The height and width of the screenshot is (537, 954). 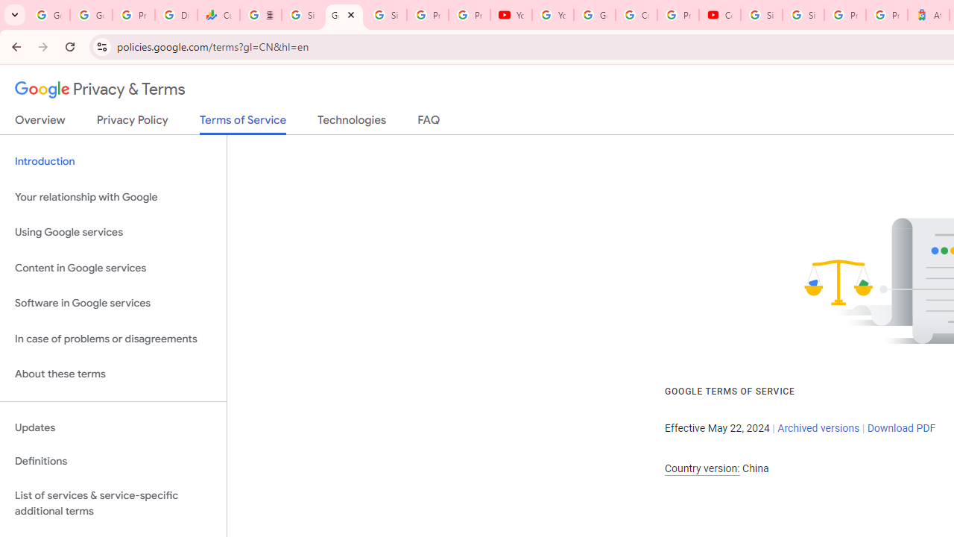 What do you see at coordinates (113, 267) in the screenshot?
I see `'Content in Google services'` at bounding box center [113, 267].